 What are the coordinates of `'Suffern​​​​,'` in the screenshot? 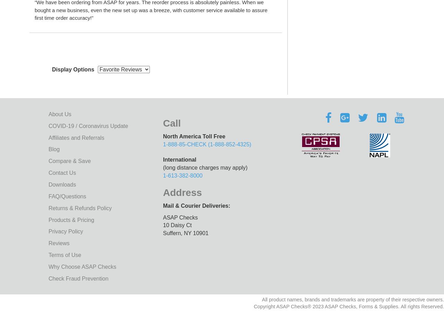 It's located at (173, 233).